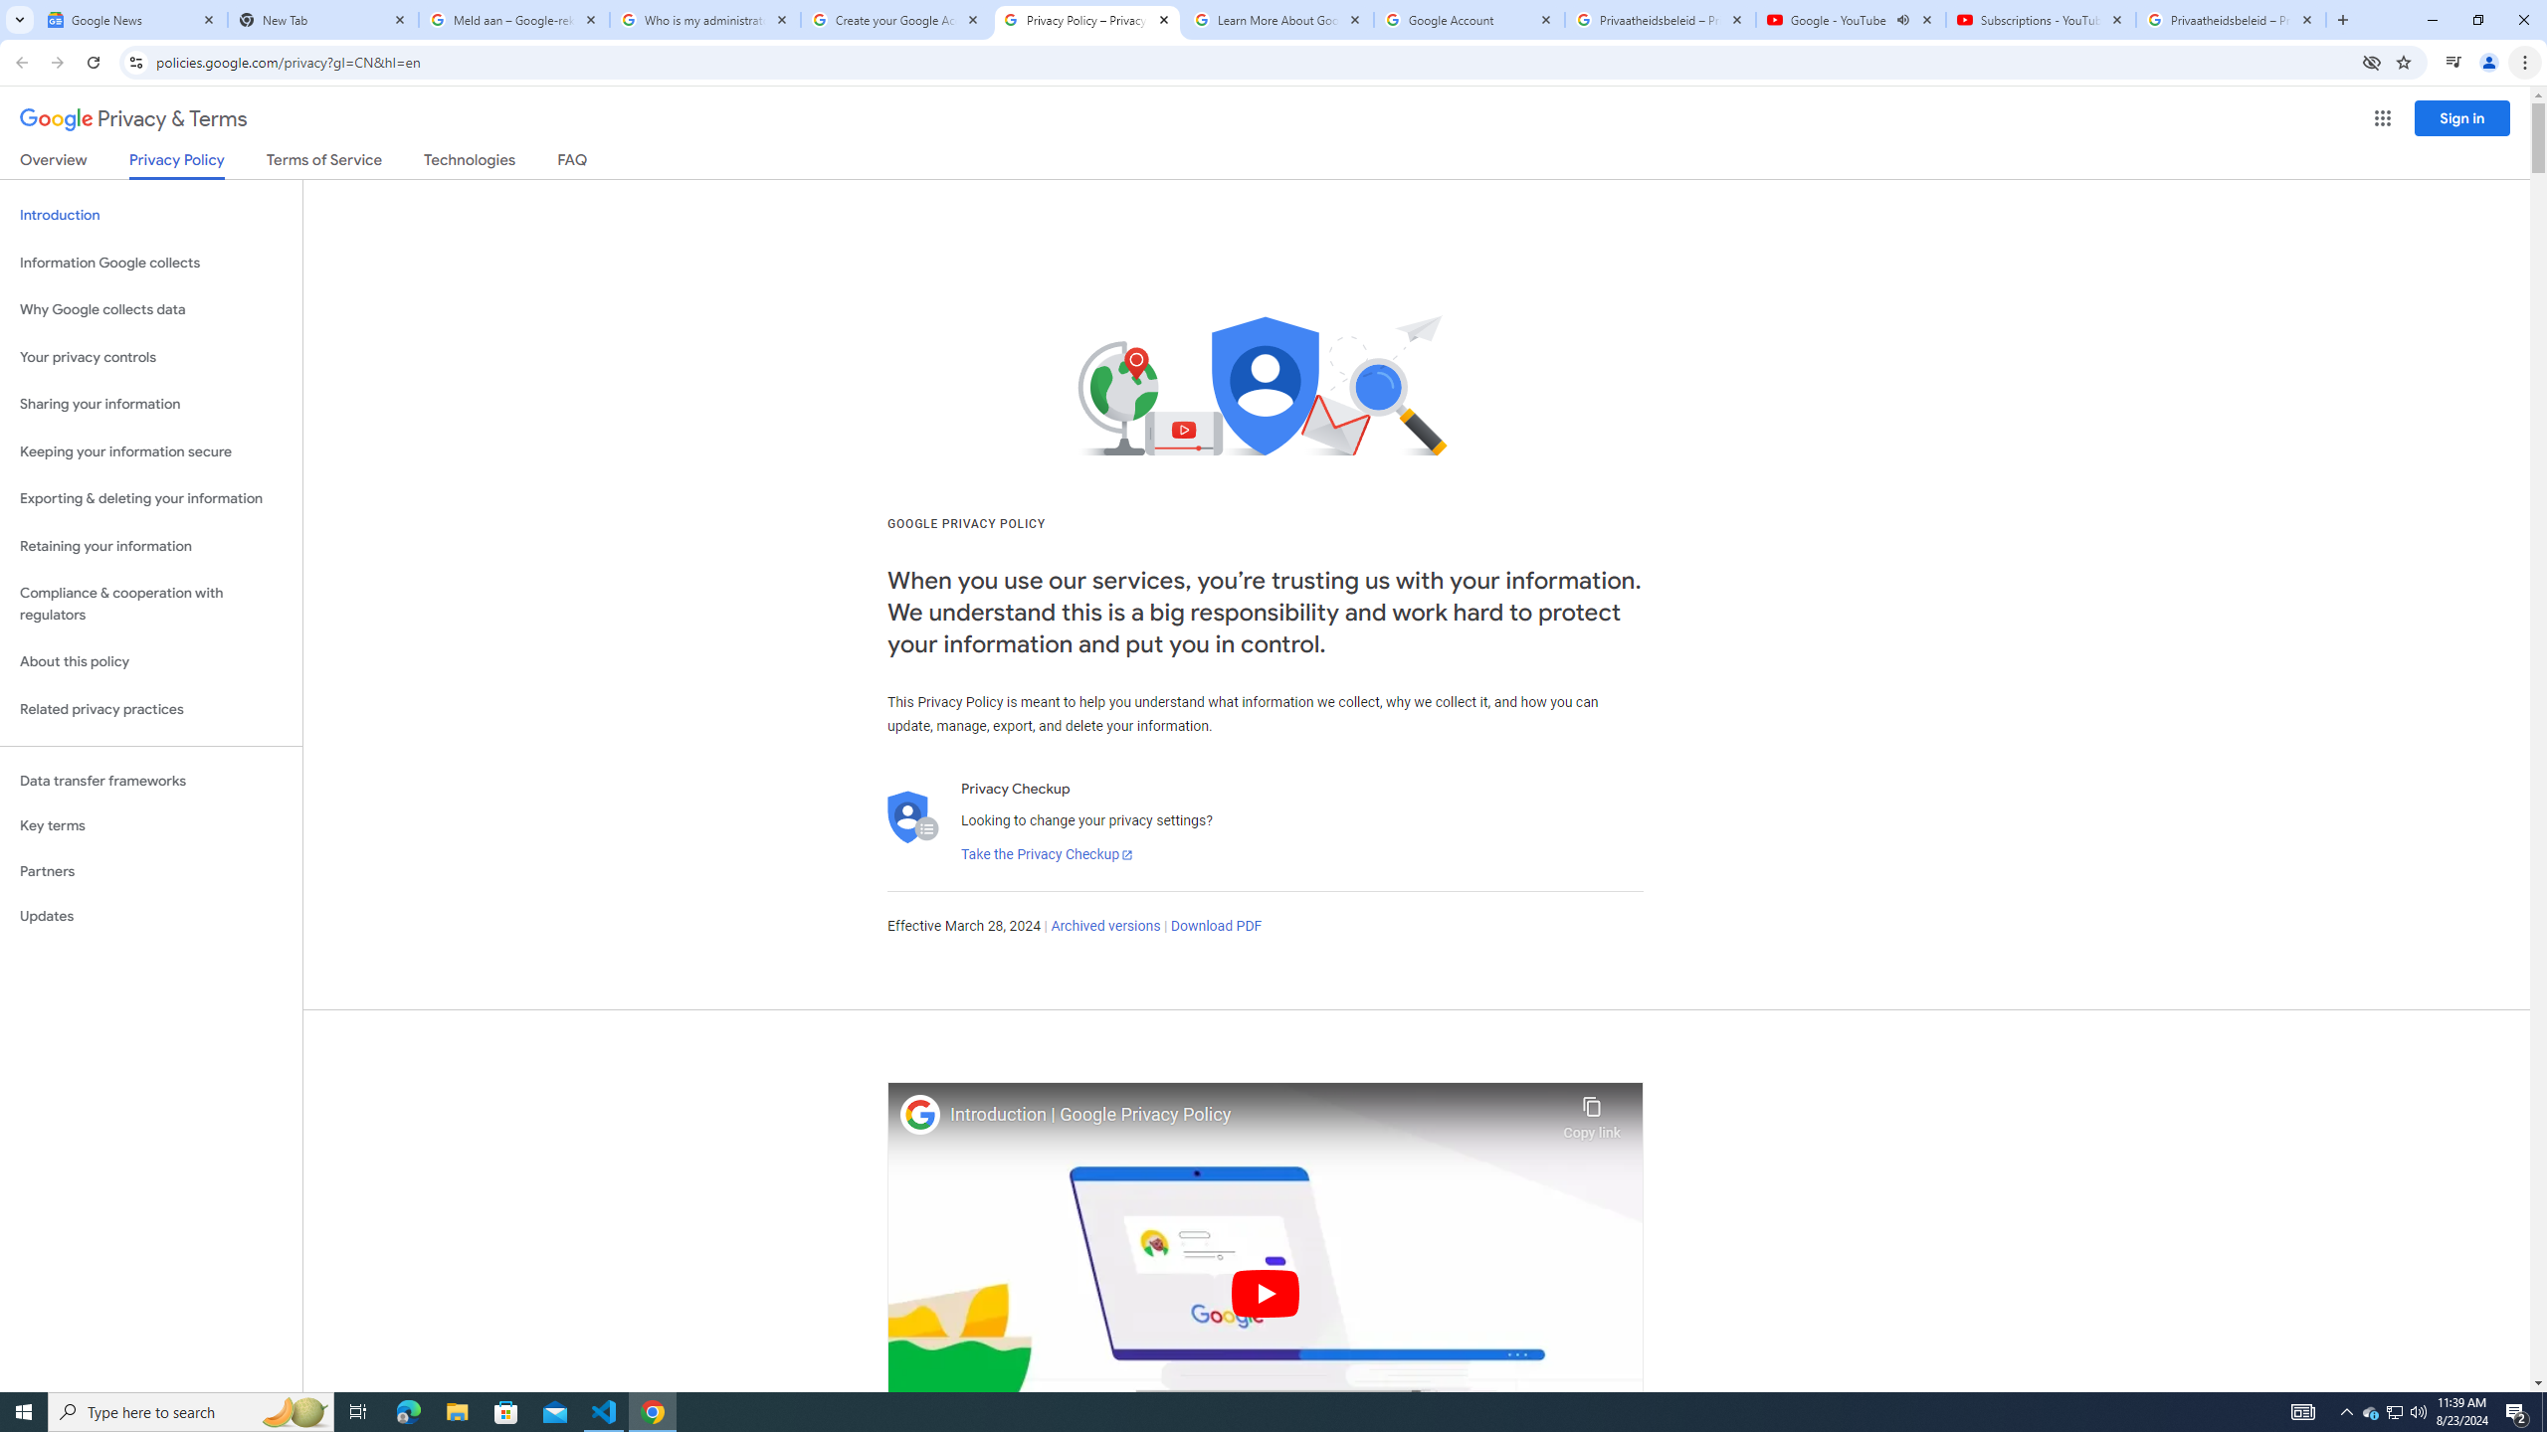 The height and width of the screenshot is (1432, 2547). Describe the element at coordinates (1469, 19) in the screenshot. I see `'Google Account'` at that location.